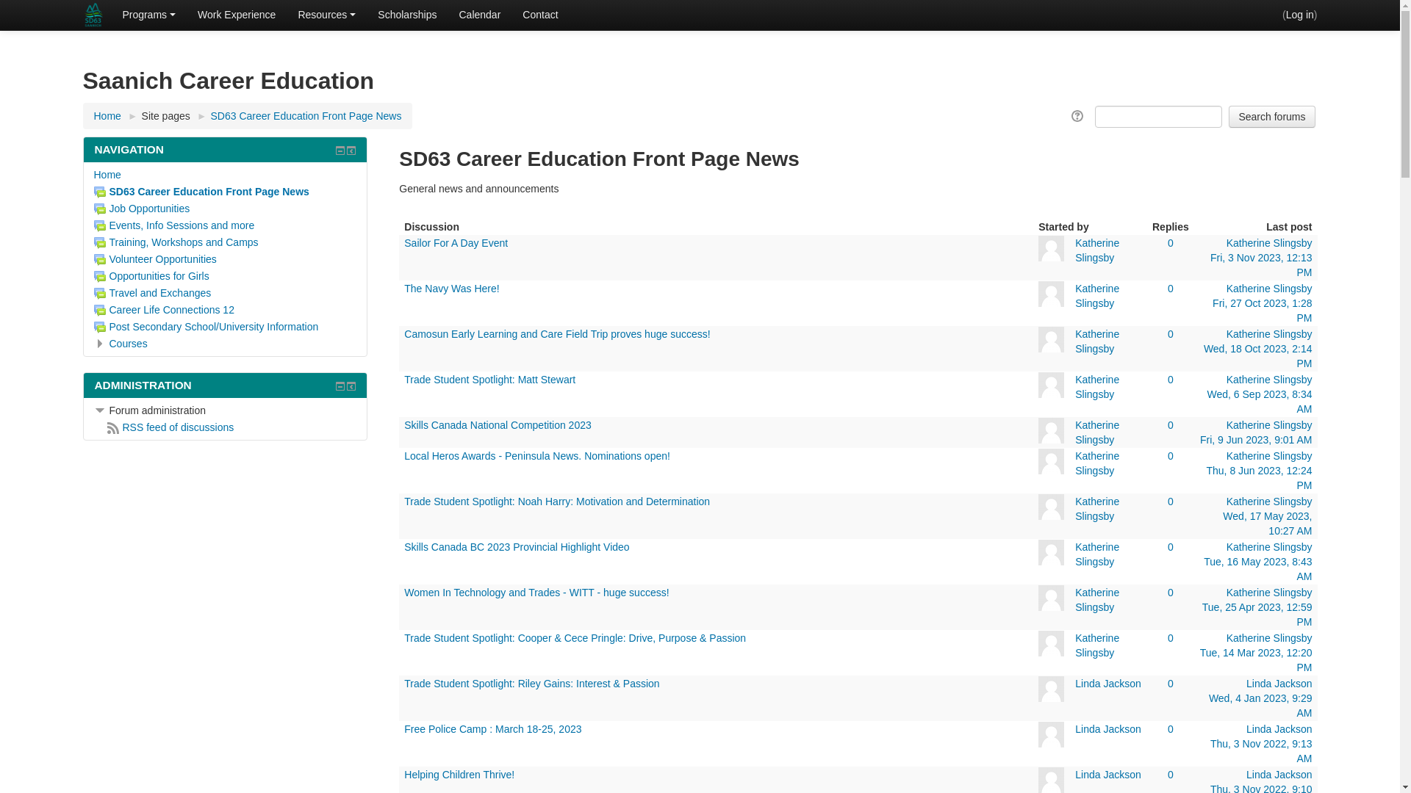 This screenshot has width=1411, height=793. Describe the element at coordinates (1256, 615) in the screenshot. I see `'Tue, 25 Apr 2023, 12:59 PM'` at that location.